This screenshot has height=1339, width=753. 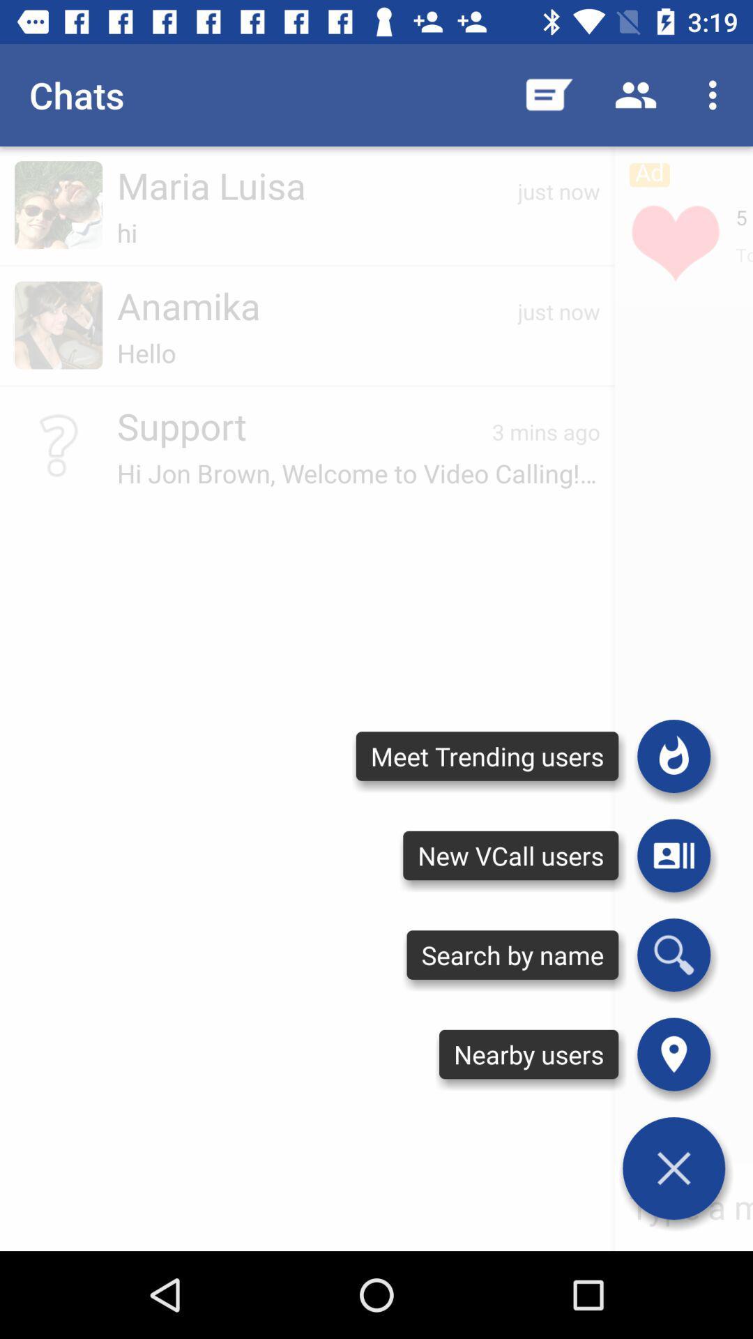 I want to click on the search icon, so click(x=673, y=954).